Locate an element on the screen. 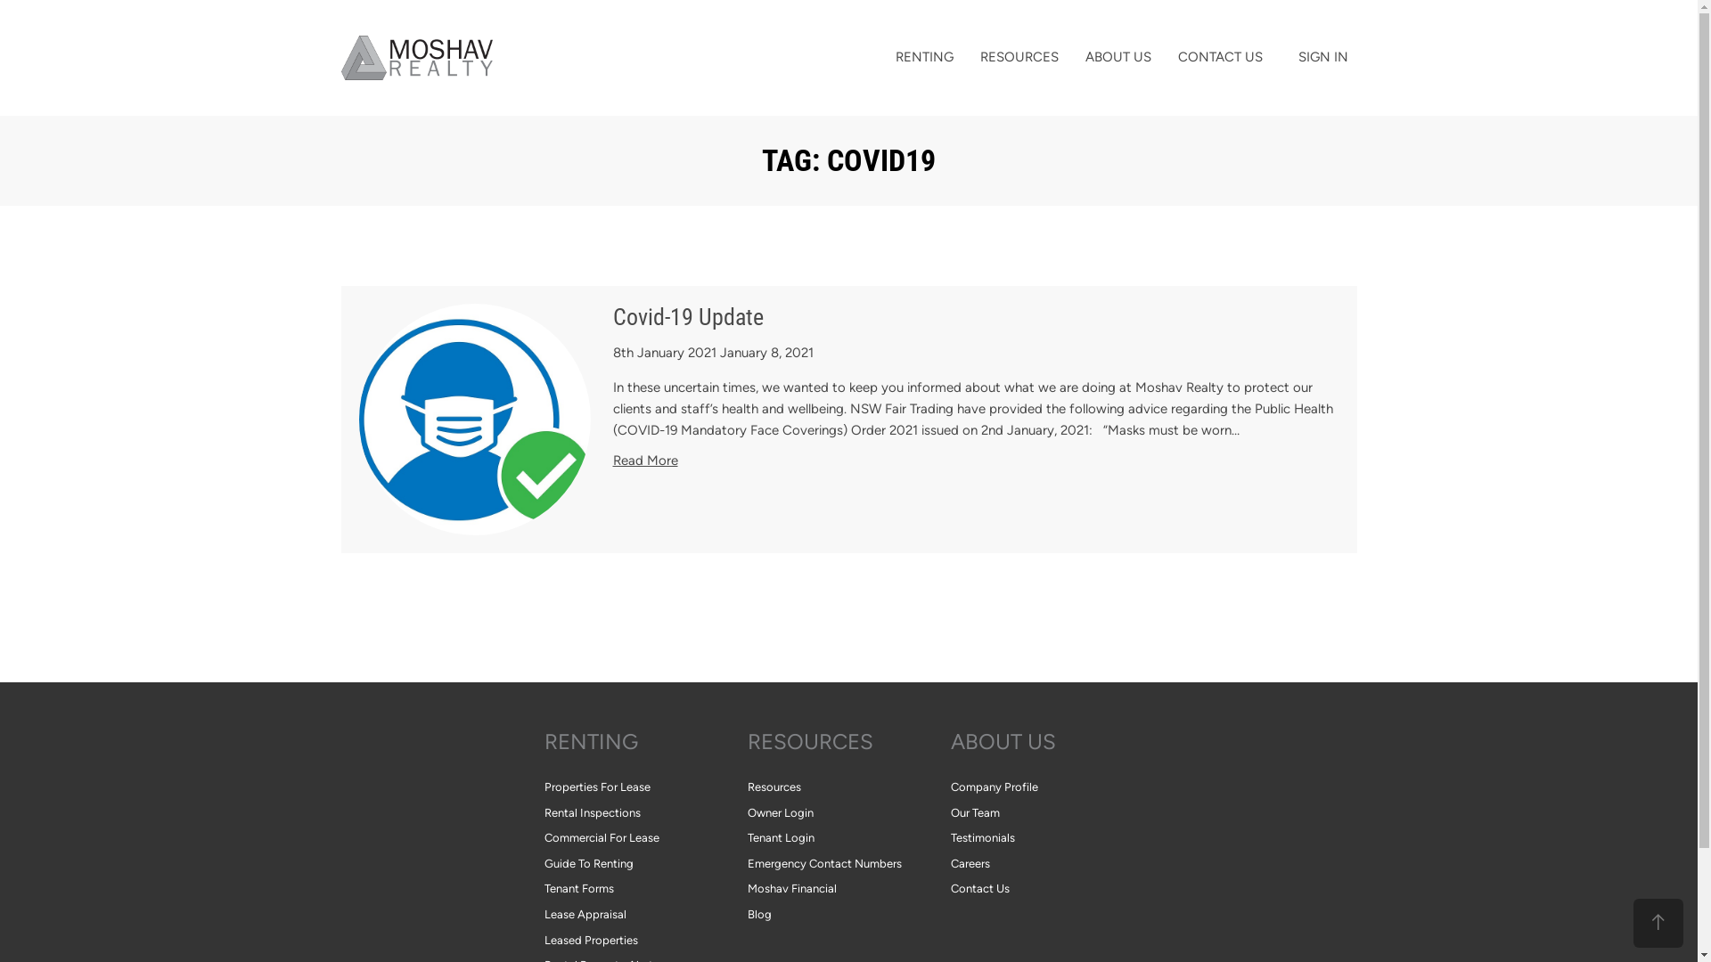  'SIGN IN' is located at coordinates (1322, 56).